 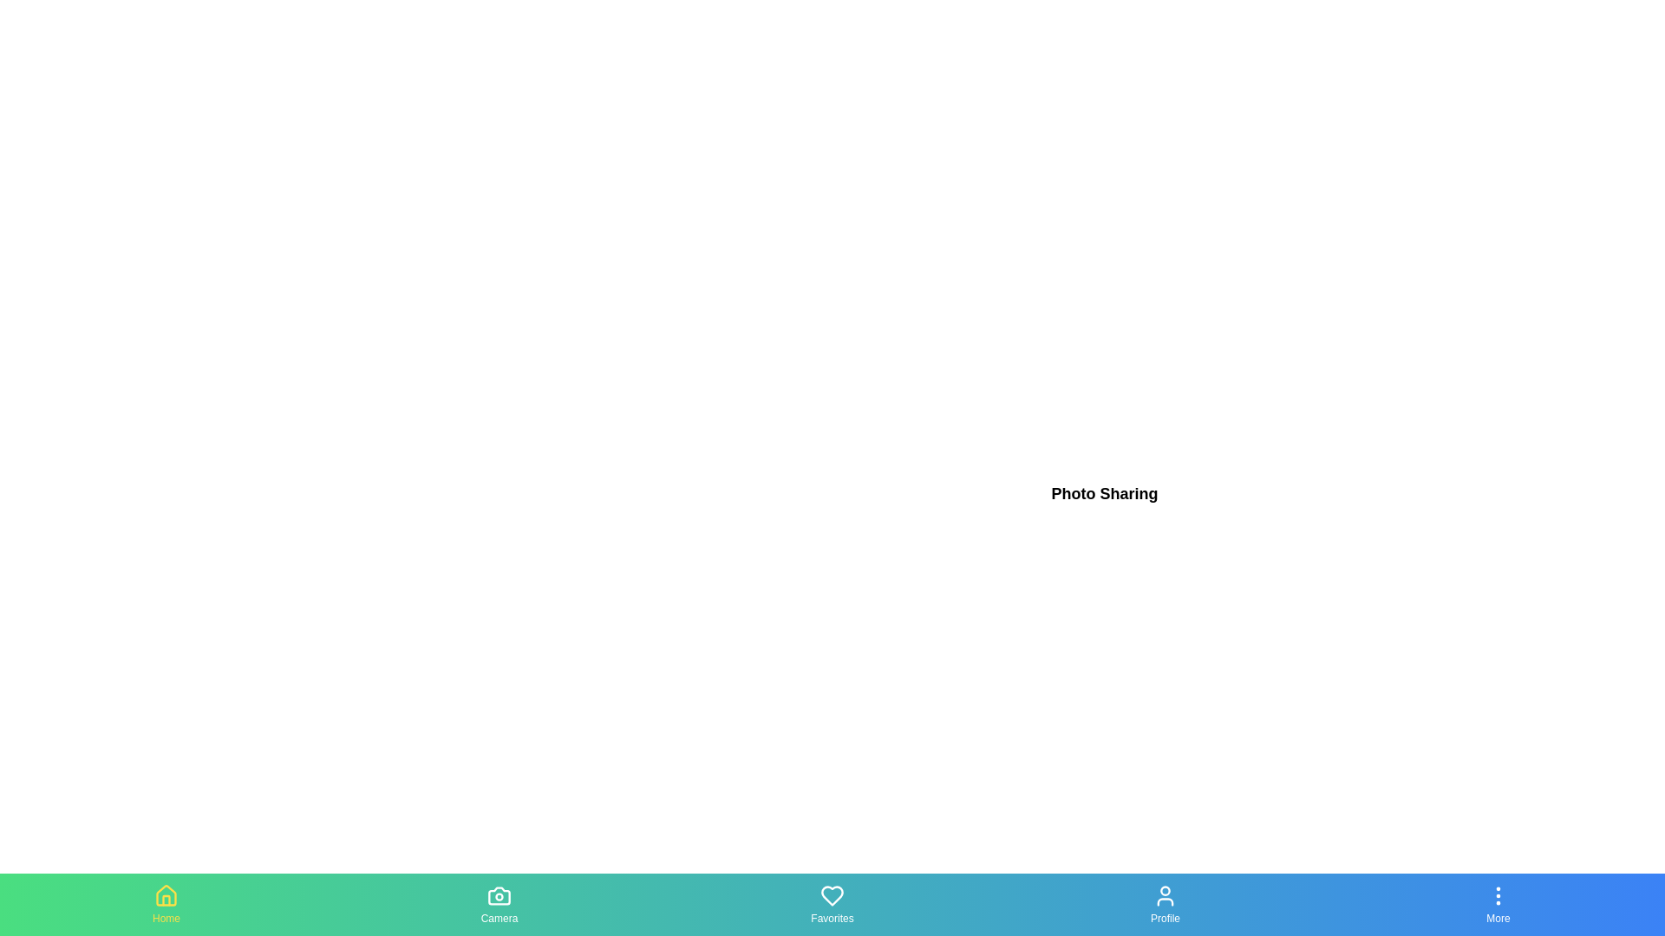 I want to click on the Home tab in the navigation bar to switch views, so click(x=166, y=904).